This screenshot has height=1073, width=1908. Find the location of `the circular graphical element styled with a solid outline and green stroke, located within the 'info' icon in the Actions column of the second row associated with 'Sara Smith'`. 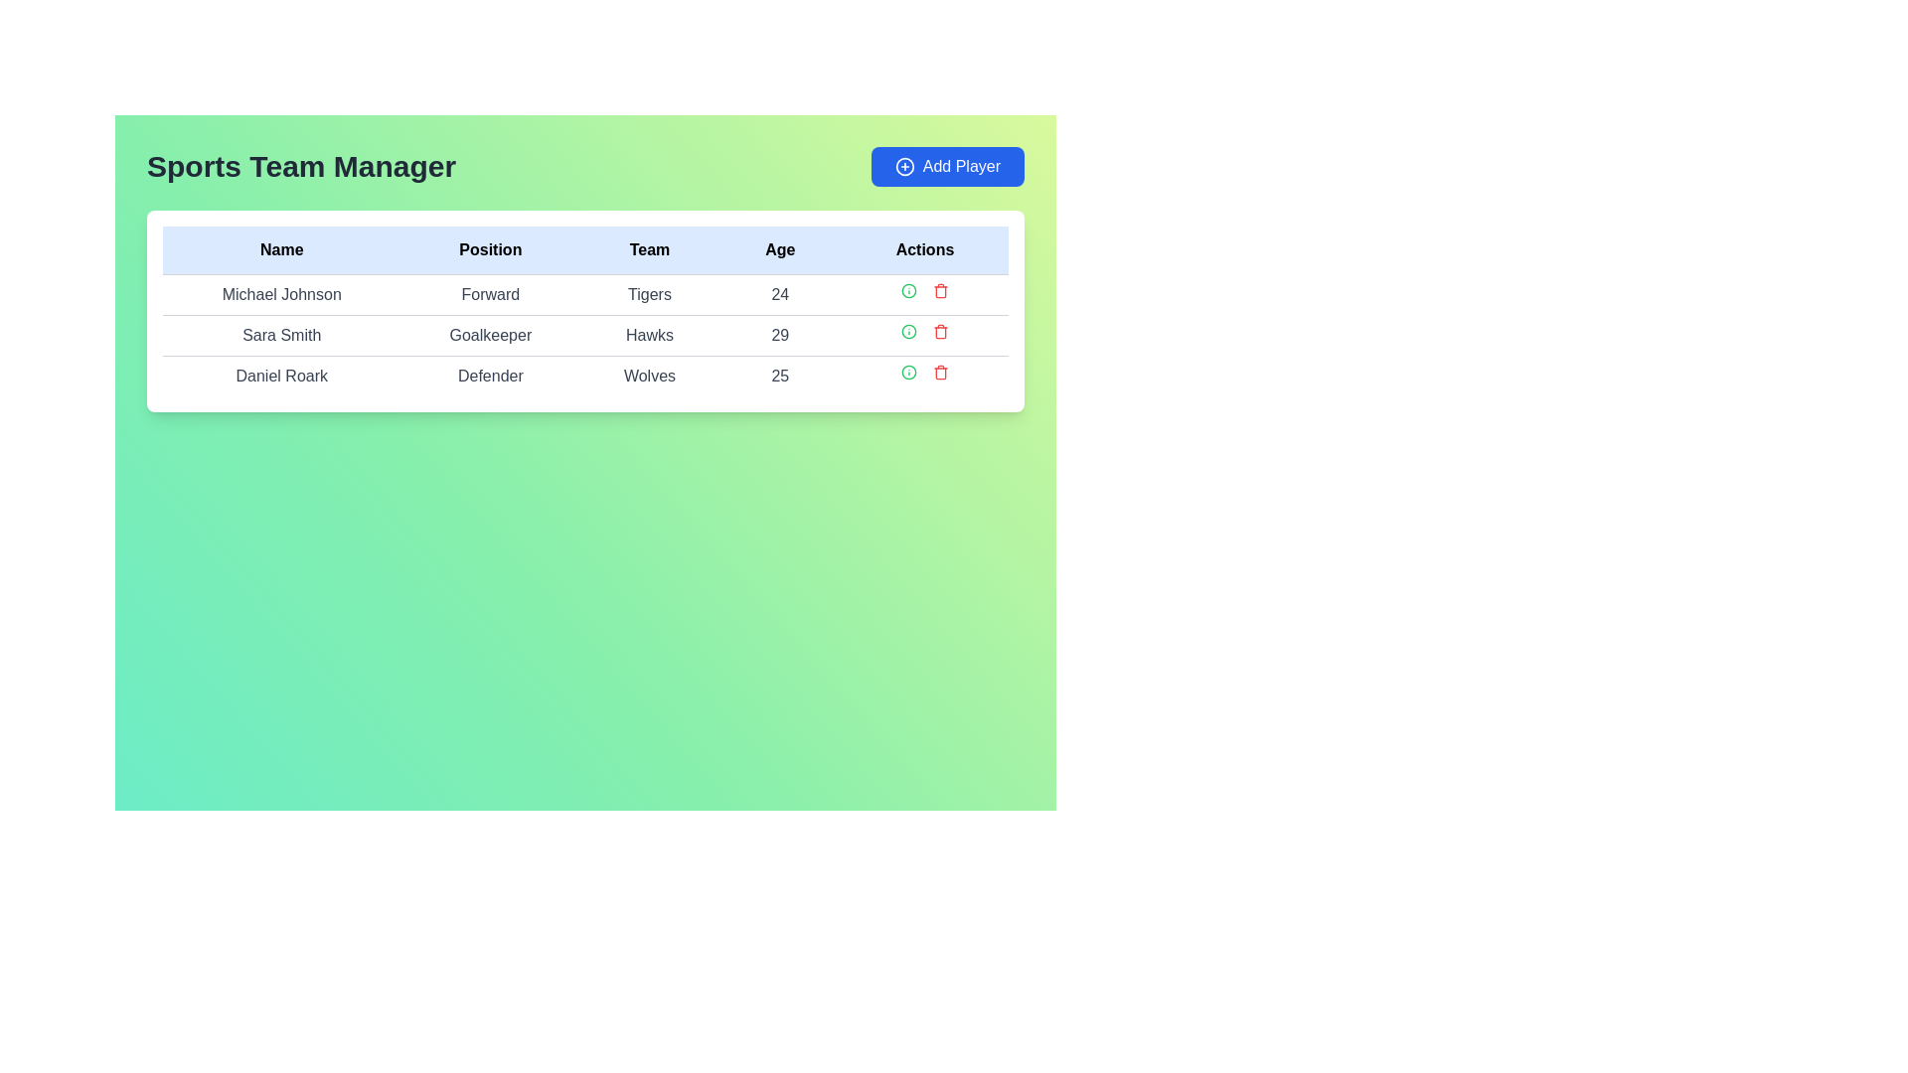

the circular graphical element styled with a solid outline and green stroke, located within the 'info' icon in the Actions column of the second row associated with 'Sara Smith' is located at coordinates (907, 291).